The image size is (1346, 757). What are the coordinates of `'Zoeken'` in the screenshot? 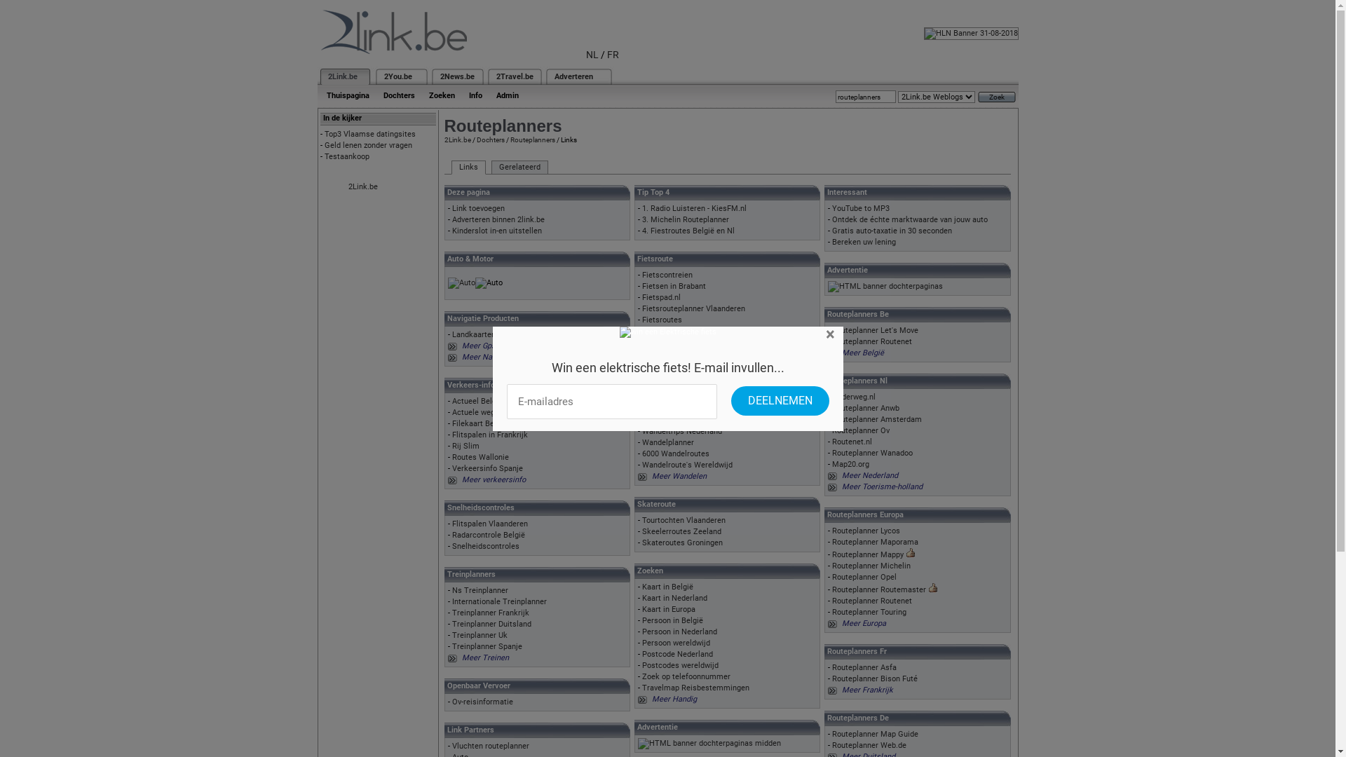 It's located at (441, 95).